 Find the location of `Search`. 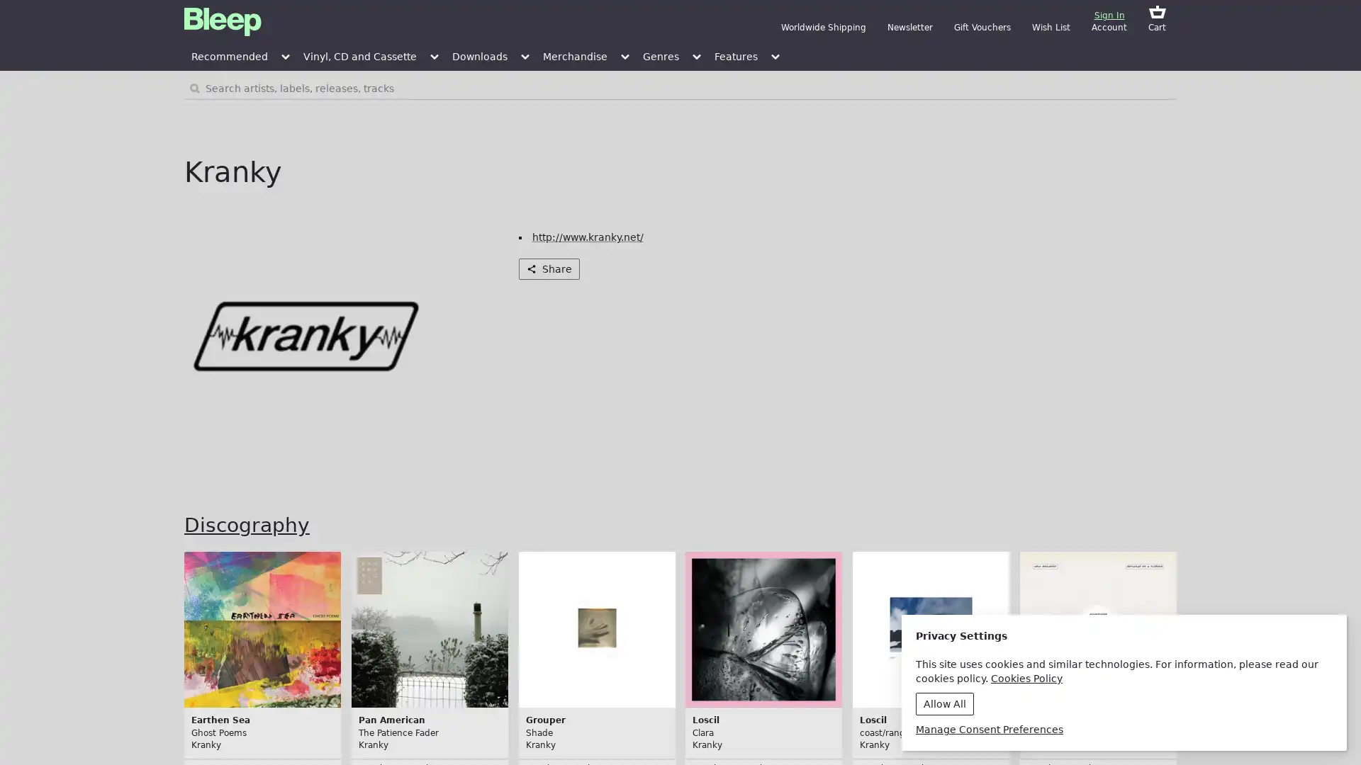

Search is located at coordinates (1097, 88).